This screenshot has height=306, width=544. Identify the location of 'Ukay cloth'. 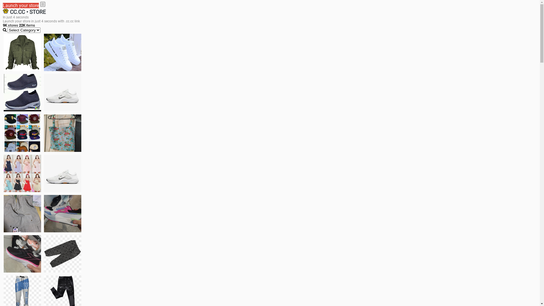
(62, 133).